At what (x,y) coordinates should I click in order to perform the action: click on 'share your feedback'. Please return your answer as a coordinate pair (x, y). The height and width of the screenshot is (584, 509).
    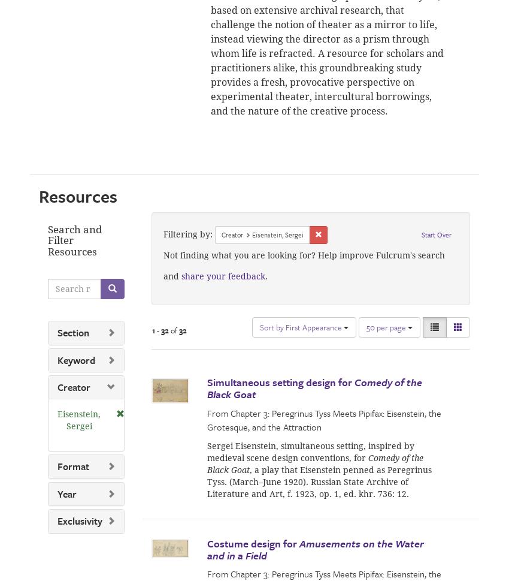
    Looking at the image, I should click on (222, 275).